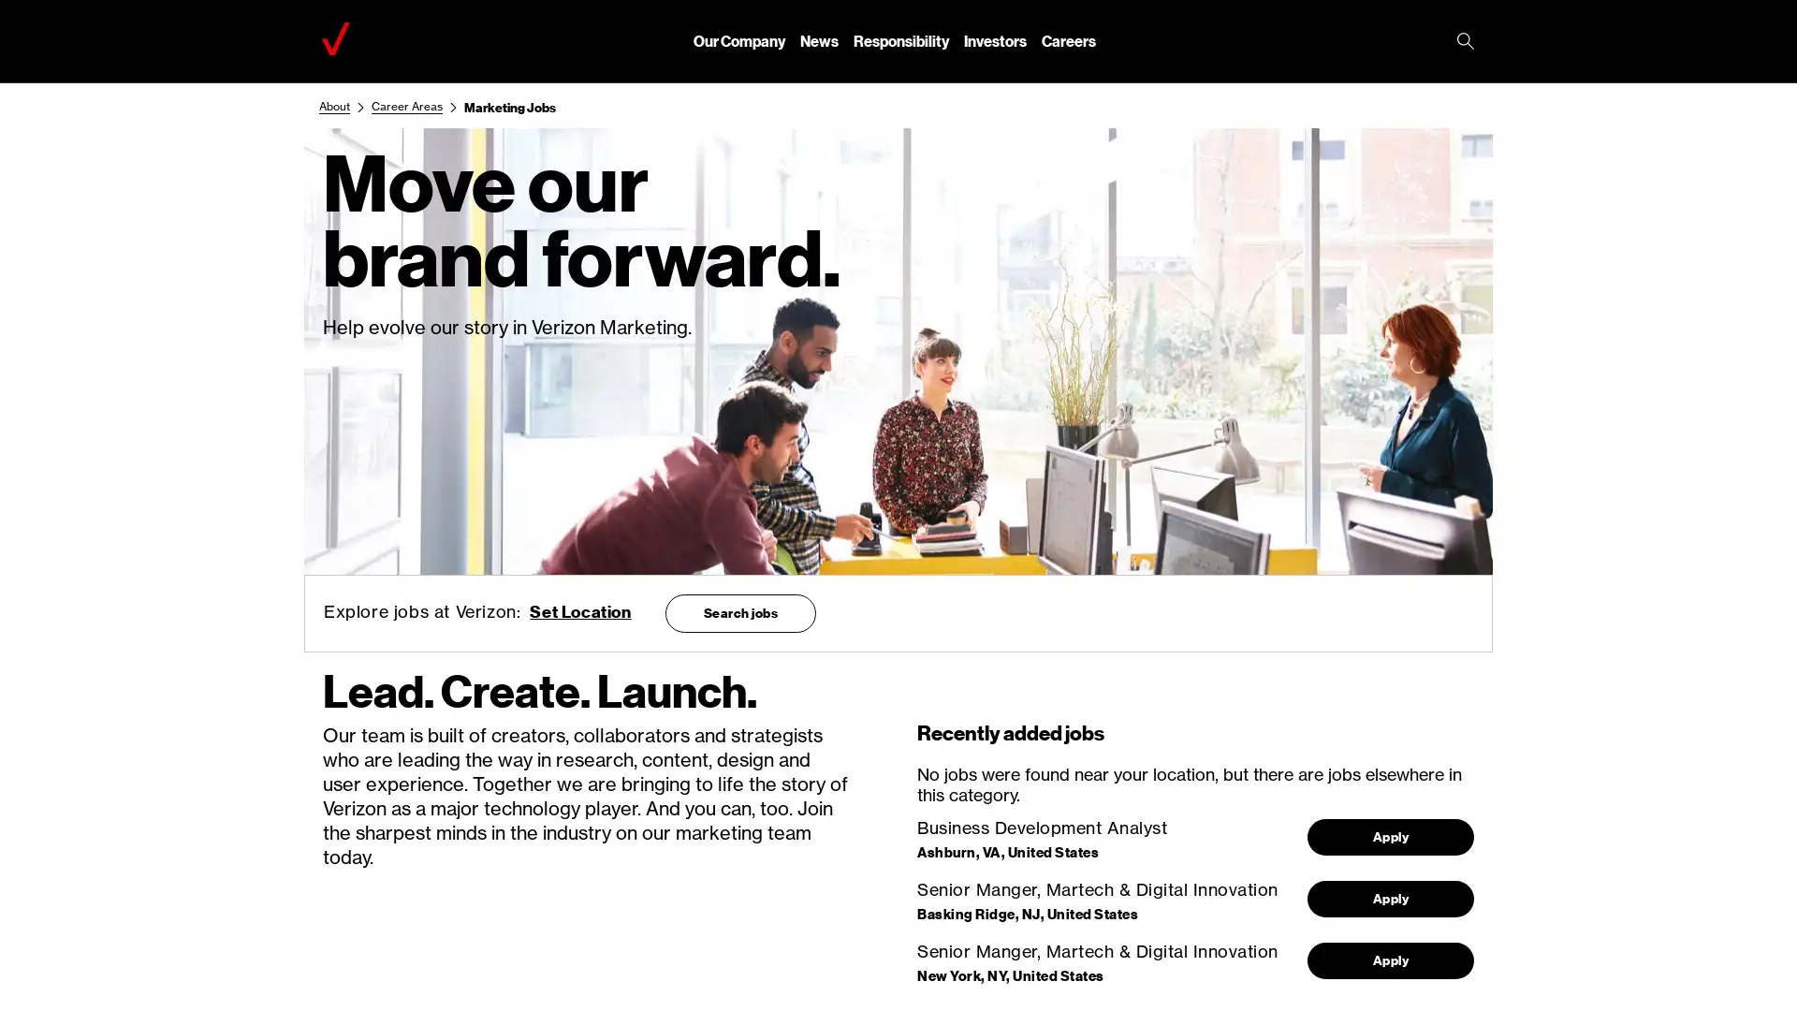  Describe the element at coordinates (819, 40) in the screenshot. I see `News Menu List` at that location.